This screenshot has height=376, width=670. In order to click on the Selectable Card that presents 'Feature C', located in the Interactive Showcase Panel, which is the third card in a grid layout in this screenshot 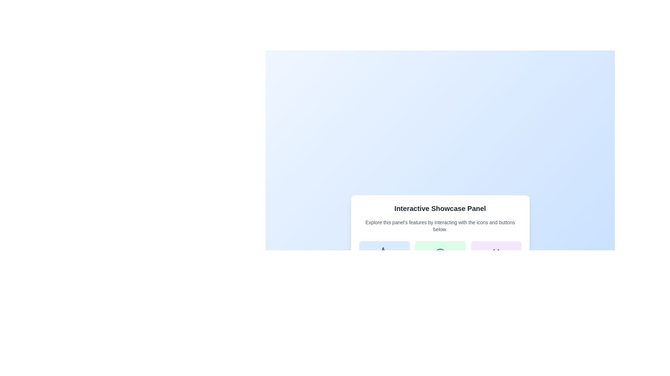, I will do `click(496, 257)`.